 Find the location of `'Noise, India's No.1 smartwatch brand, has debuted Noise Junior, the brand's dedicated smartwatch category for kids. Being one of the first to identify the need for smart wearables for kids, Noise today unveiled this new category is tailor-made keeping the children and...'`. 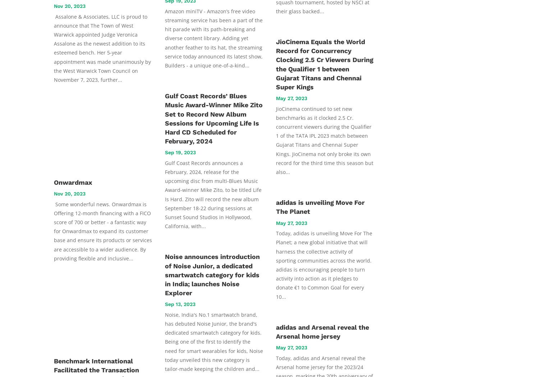

'Noise, India's No.1 smartwatch brand, has debuted Noise Junior, the brand's dedicated smartwatch category for kids. Being one of the first to identify the need for smart wearables for kids, Noise today unveiled this new category is tailor-made keeping the children and...' is located at coordinates (165, 341).